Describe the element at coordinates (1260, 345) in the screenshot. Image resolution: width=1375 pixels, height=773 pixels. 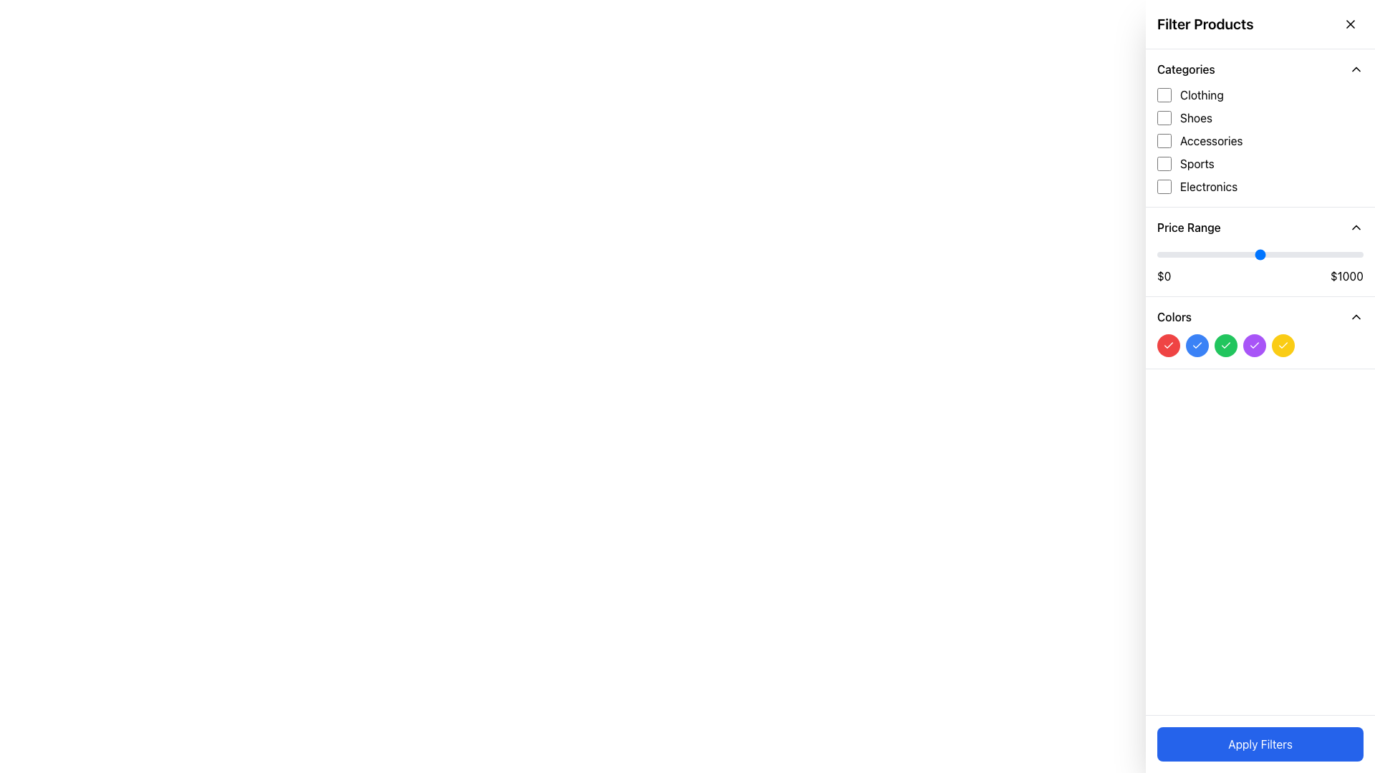
I see `the Interactive color option group composed of circular buttons filled with distinct colors and a centered white checkmark, located under the 'Colors' section in the right-hand side filter panel` at that location.